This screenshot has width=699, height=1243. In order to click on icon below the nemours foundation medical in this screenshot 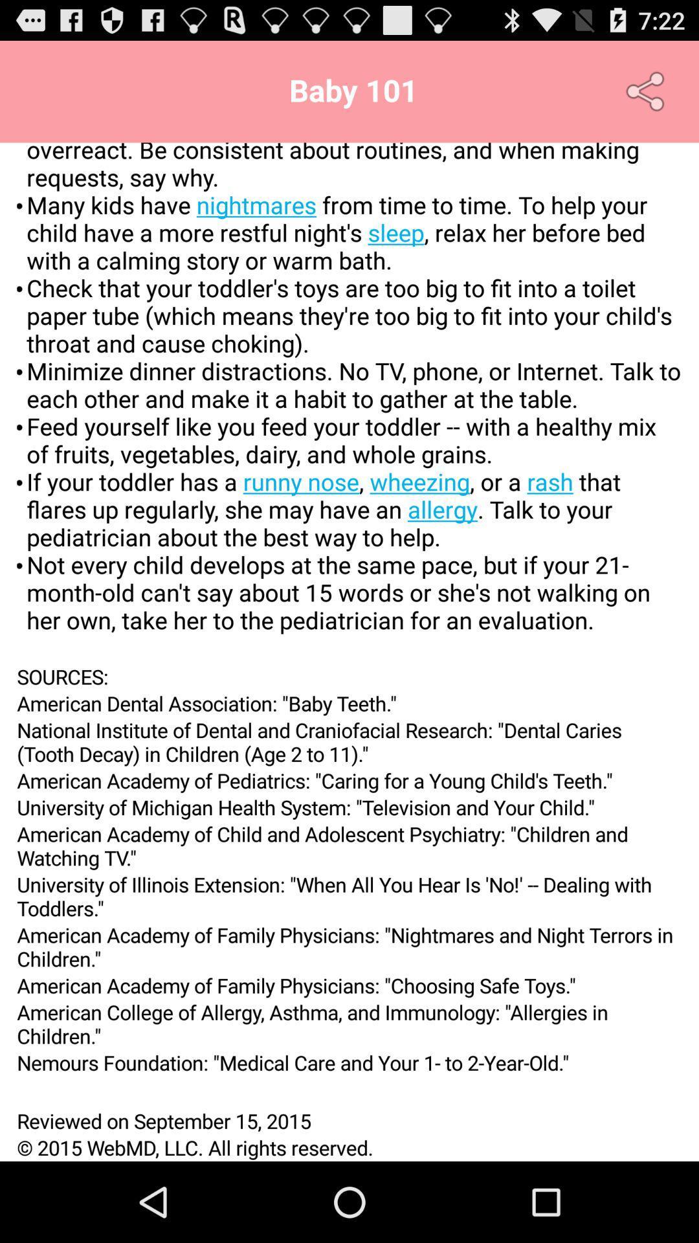, I will do `click(349, 1091)`.